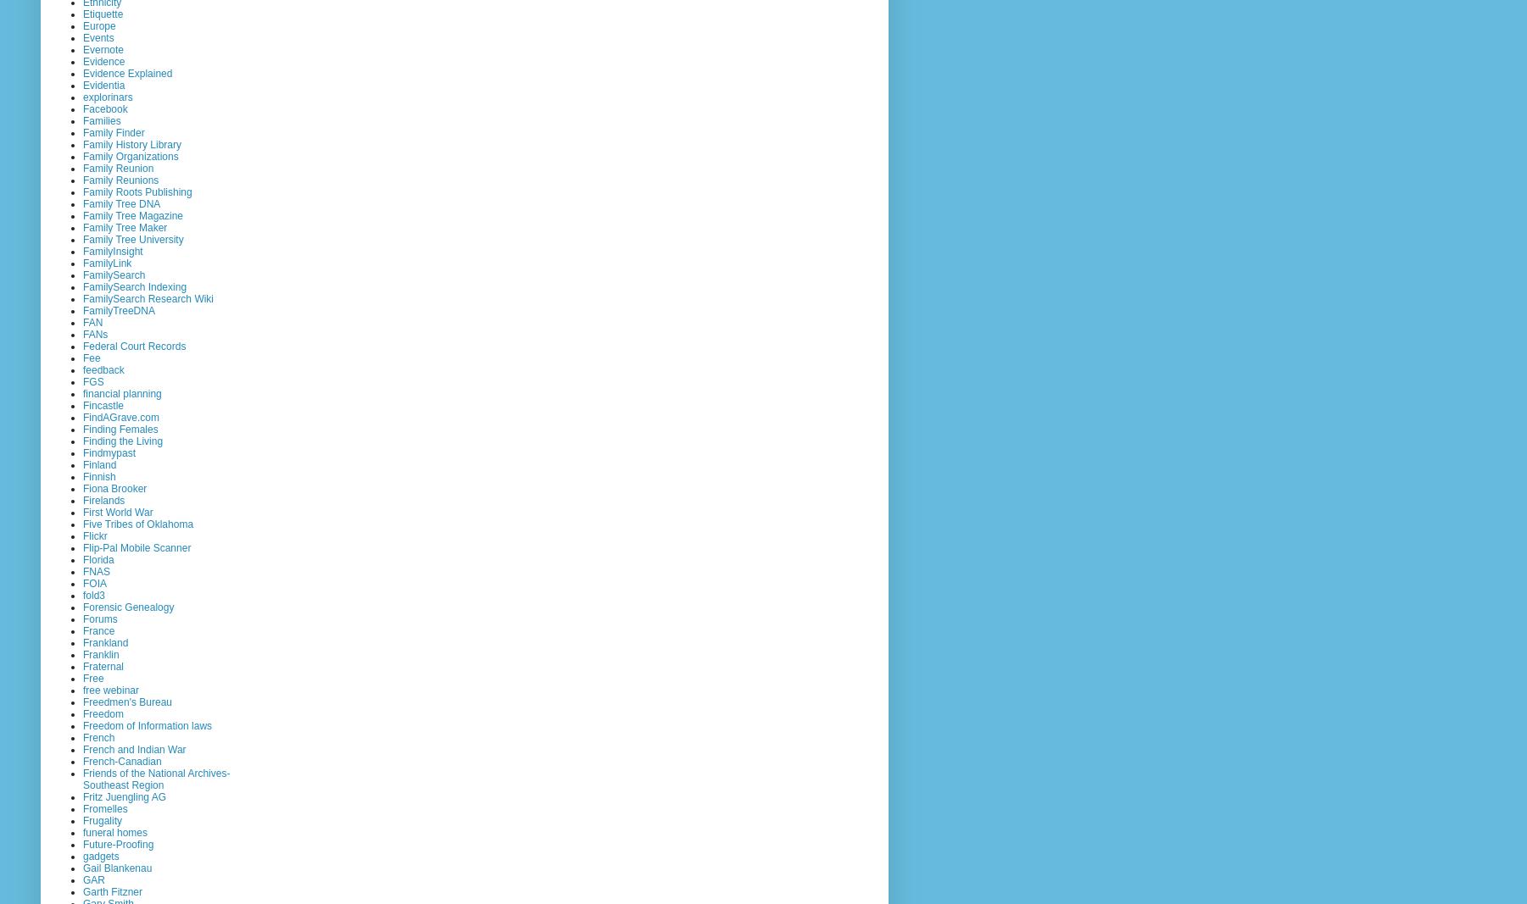 This screenshot has width=1527, height=904. What do you see at coordinates (81, 689) in the screenshot?
I see `'free webinar'` at bounding box center [81, 689].